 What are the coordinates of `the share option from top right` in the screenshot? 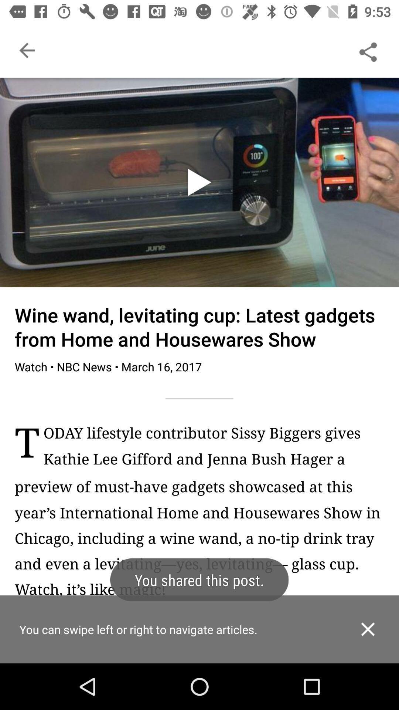 It's located at (368, 50).